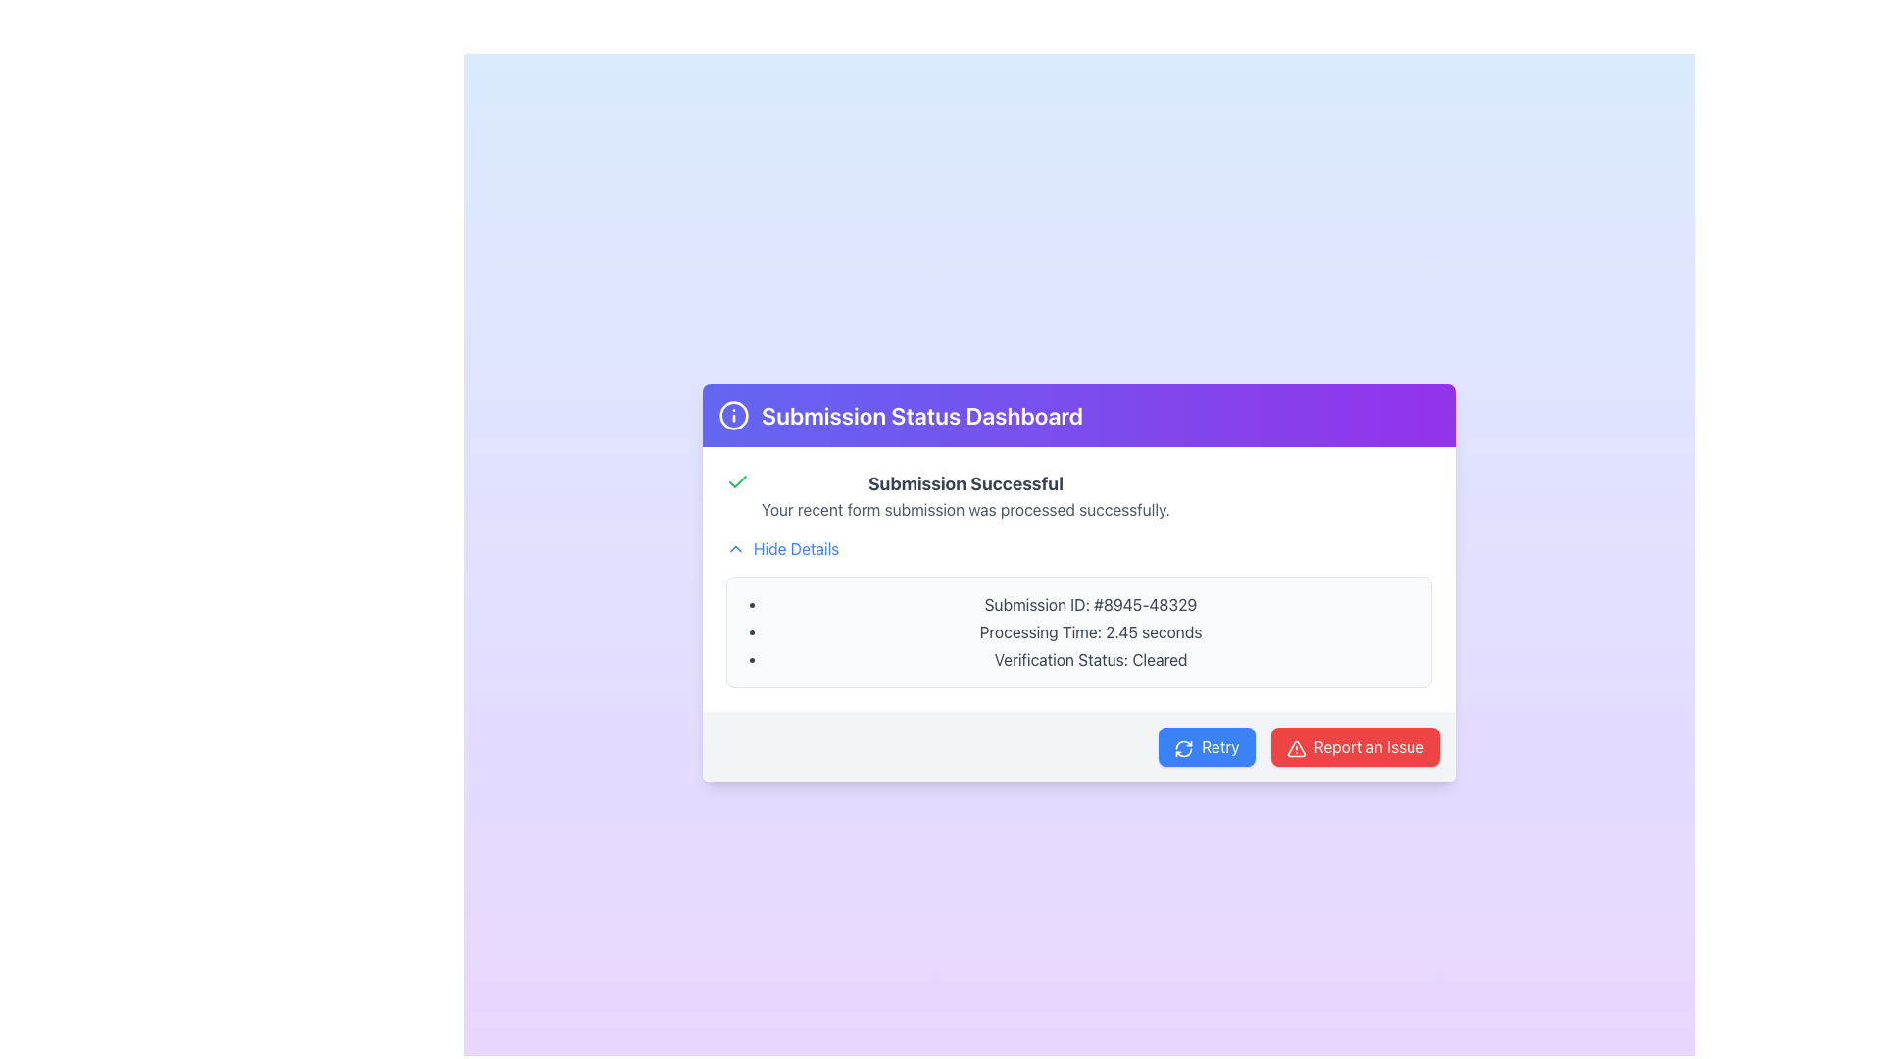 This screenshot has width=1882, height=1059. What do you see at coordinates (796, 548) in the screenshot?
I see `the 'Hide Details' text label, which indicates the action for collapsing the currently expanded section` at bounding box center [796, 548].